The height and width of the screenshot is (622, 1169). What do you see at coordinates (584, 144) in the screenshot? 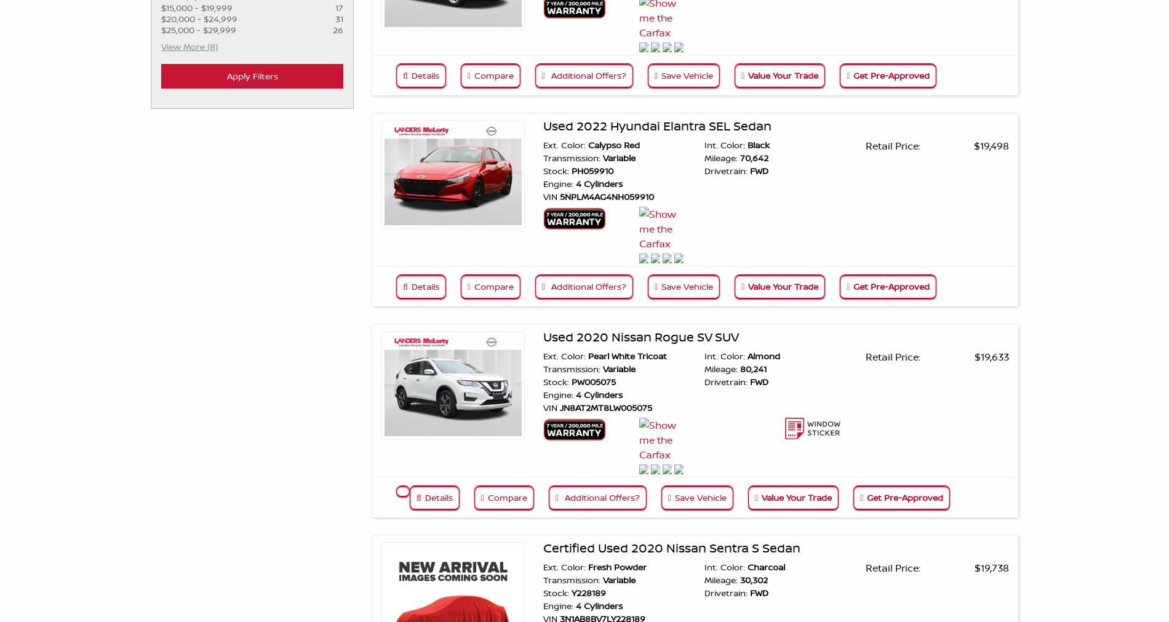
I see `'Calypso Red'` at bounding box center [584, 144].